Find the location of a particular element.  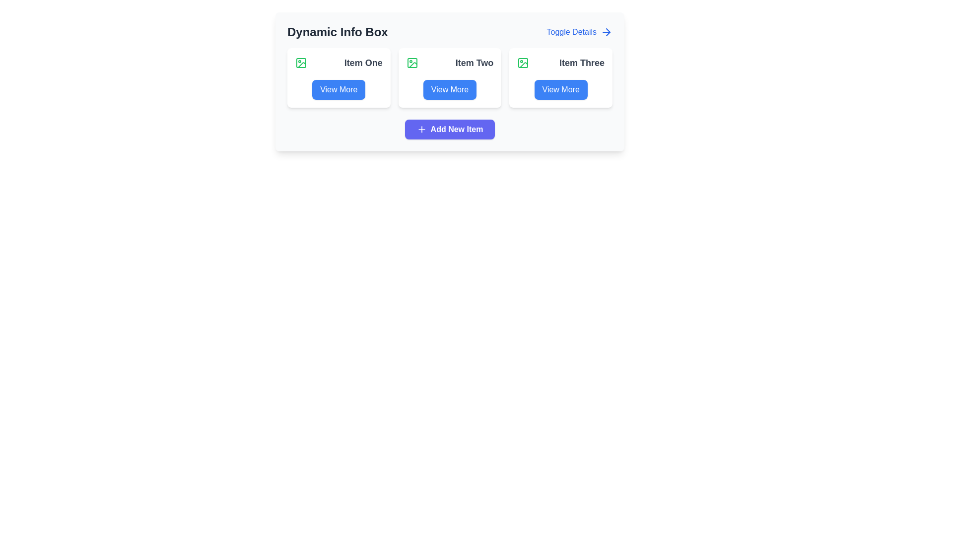

the forward navigation icon located in the top right section of the interface, adjacent to the 'Toggle Details' text is located at coordinates (608, 32).